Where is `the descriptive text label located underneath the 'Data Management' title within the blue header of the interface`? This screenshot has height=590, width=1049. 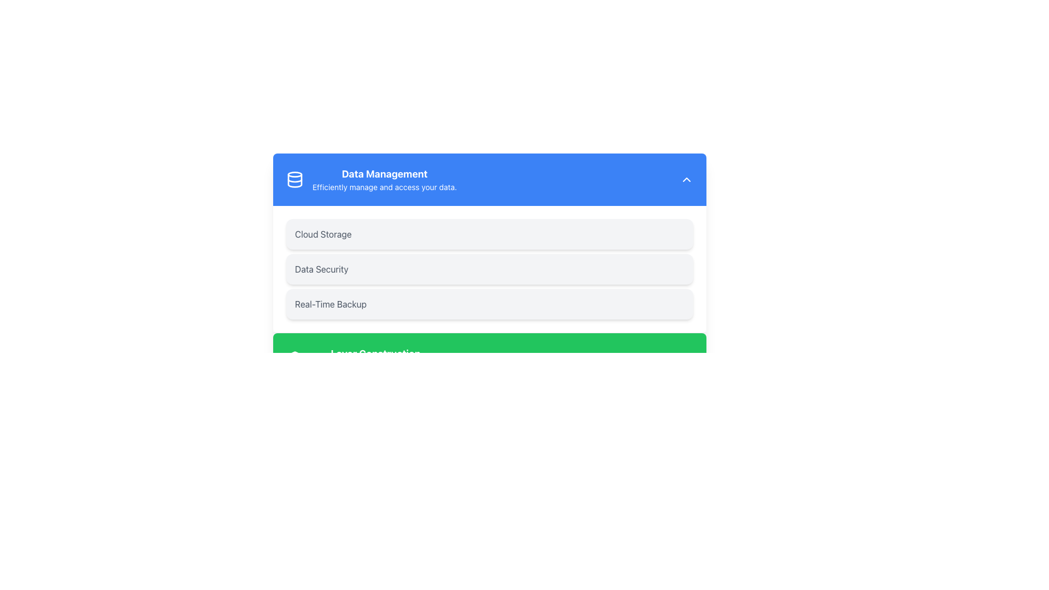 the descriptive text label located underneath the 'Data Management' title within the blue header of the interface is located at coordinates (385, 187).